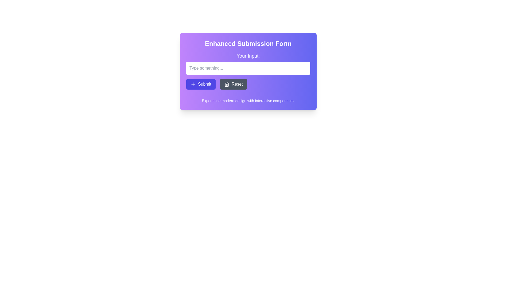 The height and width of the screenshot is (288, 513). I want to click on the blue 'Submit' button containing the SVG plus icon located at the center near the left side of the text label, so click(193, 84).